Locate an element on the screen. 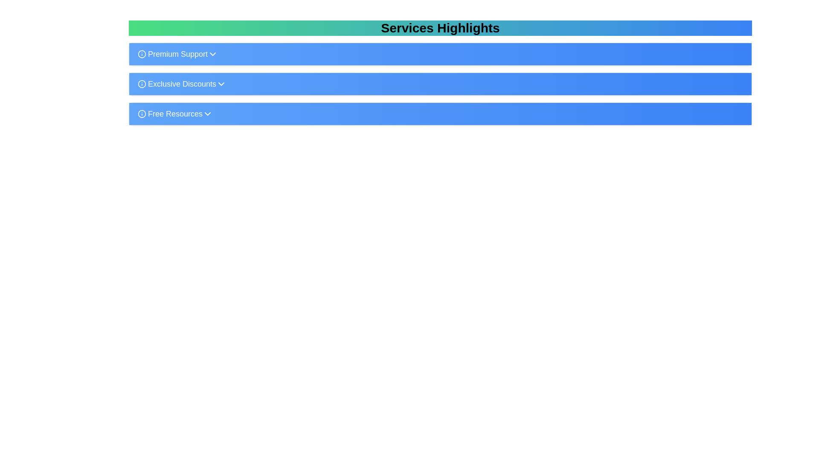 The height and width of the screenshot is (461, 819). the 'Free Resources' text label located within the 'Services Highlights' section, which is the third item in the vertical stack is located at coordinates (170, 113).